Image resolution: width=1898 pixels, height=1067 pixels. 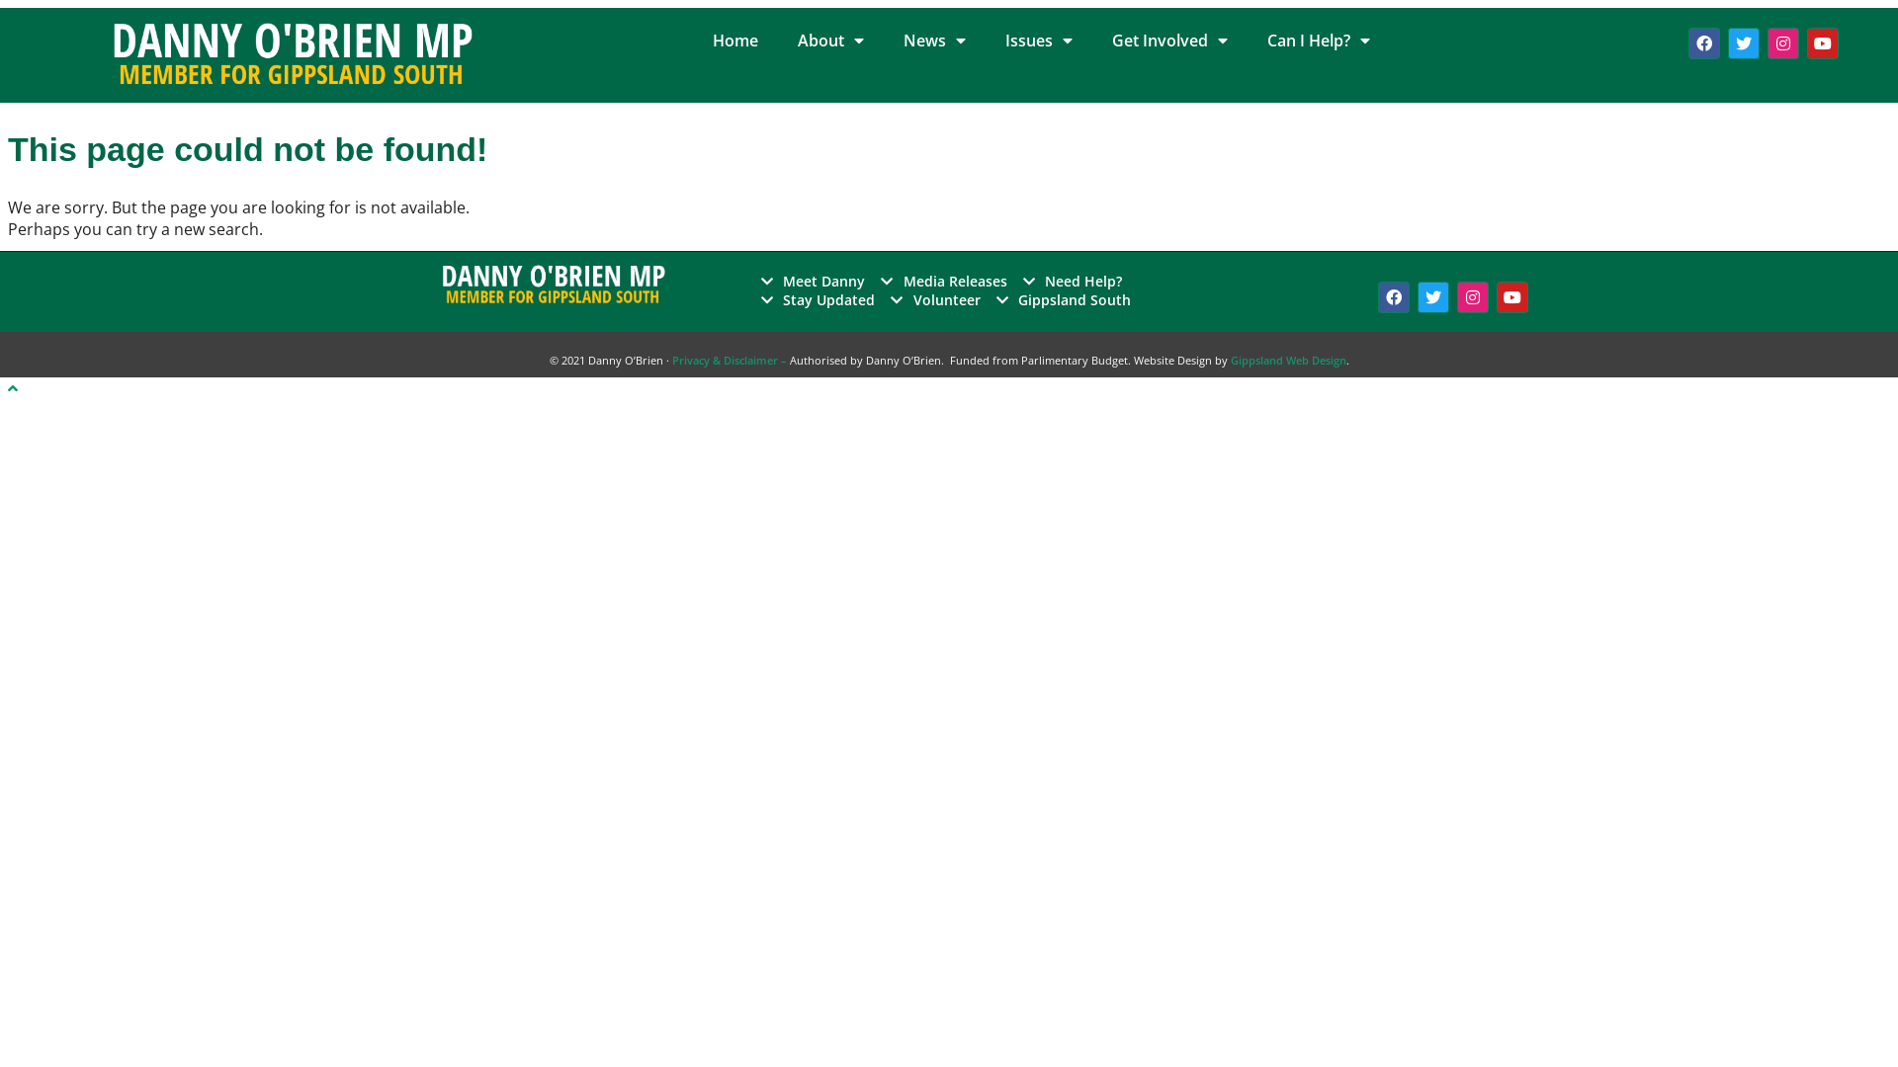 I want to click on 'Gippsland South', so click(x=1063, y=299).